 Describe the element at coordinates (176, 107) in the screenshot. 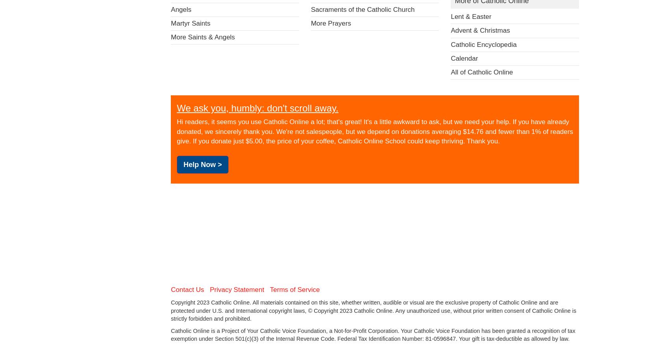

I see `'We ask you, humbly: don't scroll away.'` at that location.